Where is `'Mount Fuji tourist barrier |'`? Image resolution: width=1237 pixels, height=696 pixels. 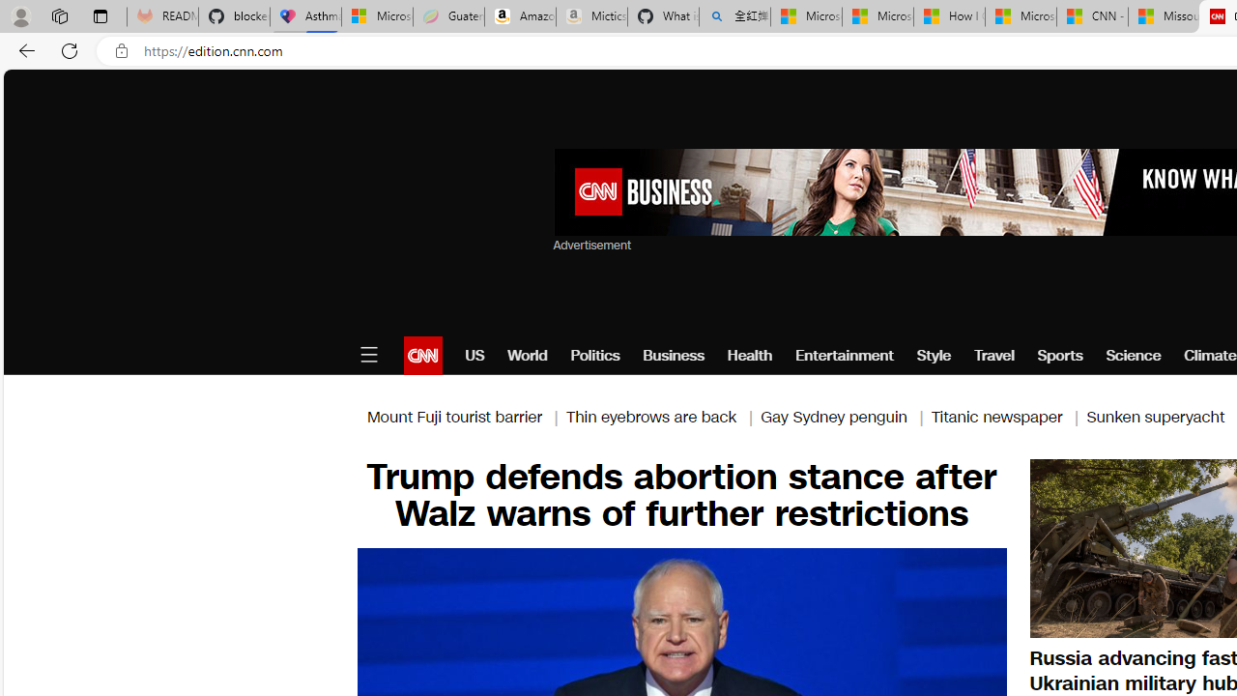
'Mount Fuji tourist barrier |' is located at coordinates (466, 416).